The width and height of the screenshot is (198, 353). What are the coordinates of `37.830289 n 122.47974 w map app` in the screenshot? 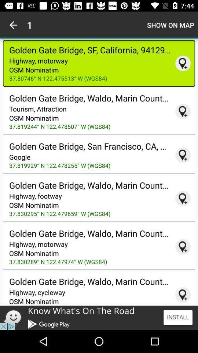 It's located at (183, 247).